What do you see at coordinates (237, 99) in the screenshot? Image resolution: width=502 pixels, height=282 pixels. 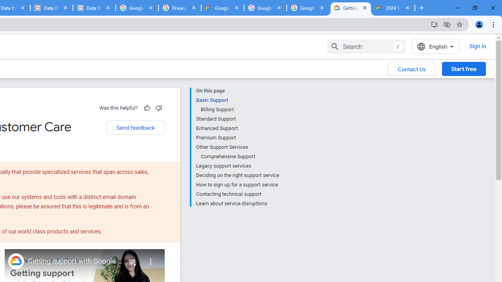 I see `'Basic Support'` at bounding box center [237, 99].